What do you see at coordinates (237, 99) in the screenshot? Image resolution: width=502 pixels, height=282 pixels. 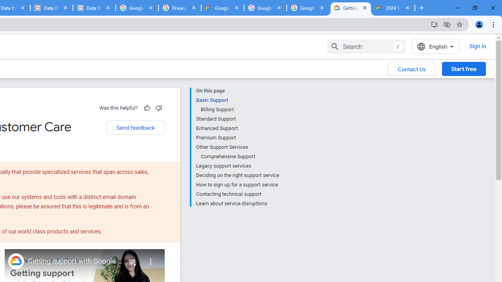 I see `'Basic Support'` at bounding box center [237, 99].